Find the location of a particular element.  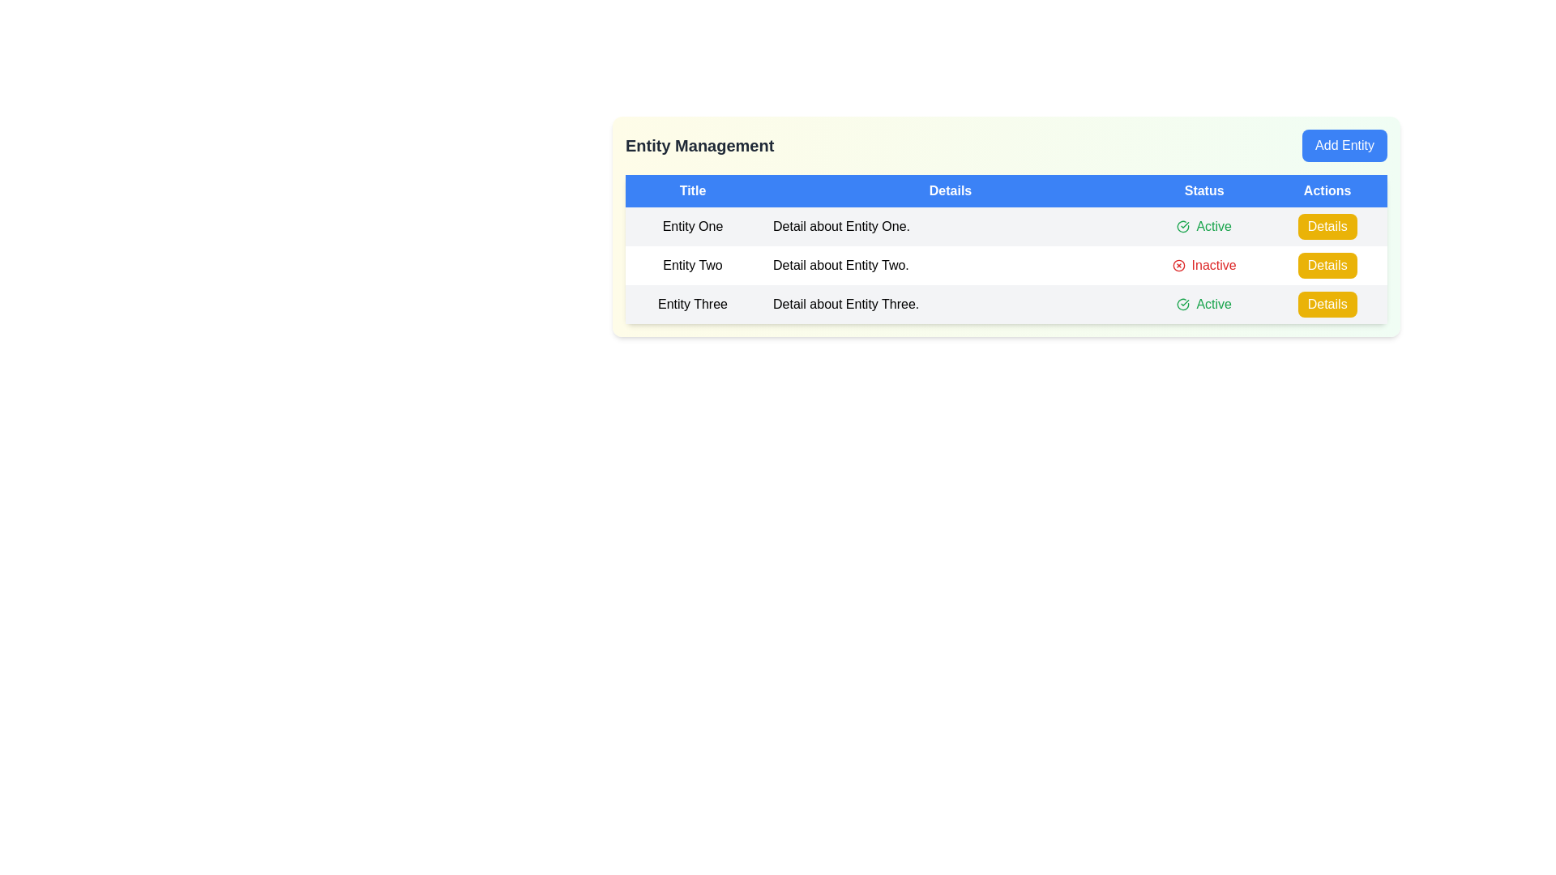

the green text label 'Active' with the adjacent green checkmark icon, located in the first row of the 'Status' column in the data table is located at coordinates (1204, 227).